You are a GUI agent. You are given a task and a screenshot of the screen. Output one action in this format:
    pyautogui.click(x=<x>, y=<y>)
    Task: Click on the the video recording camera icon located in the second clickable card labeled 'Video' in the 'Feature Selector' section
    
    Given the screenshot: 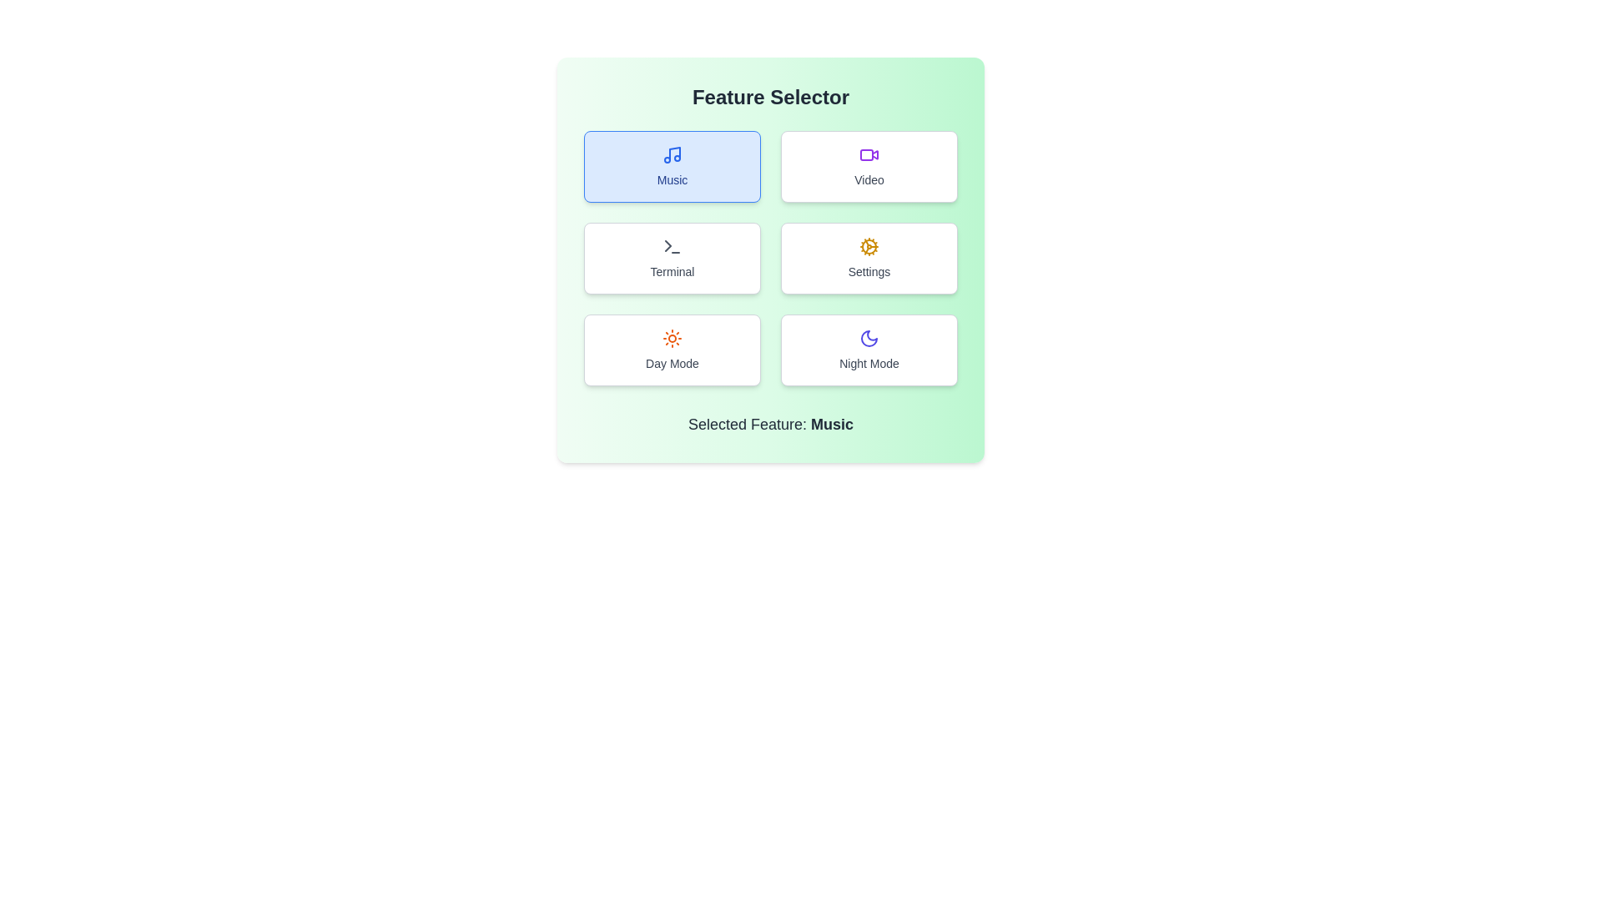 What is the action you would take?
    pyautogui.click(x=868, y=154)
    